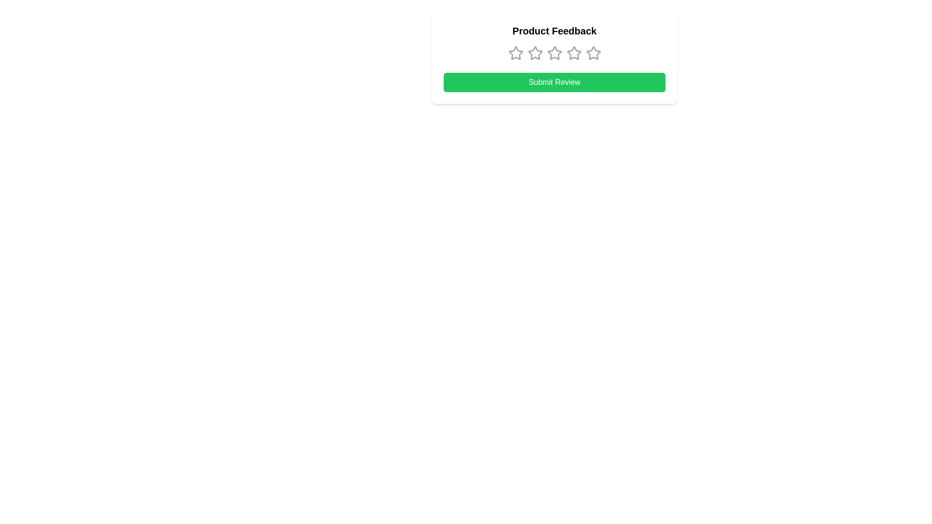 Image resolution: width=932 pixels, height=524 pixels. I want to click on the fifth star icon under the 'Product Feedback' title, so click(593, 53).